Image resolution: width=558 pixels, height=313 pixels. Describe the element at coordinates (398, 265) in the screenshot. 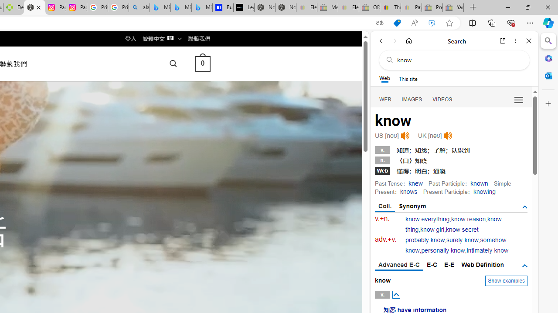

I see `'Advanced E-C'` at that location.